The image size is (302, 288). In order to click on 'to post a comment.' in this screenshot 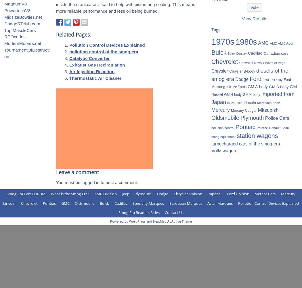, I will do `click(118, 182)`.